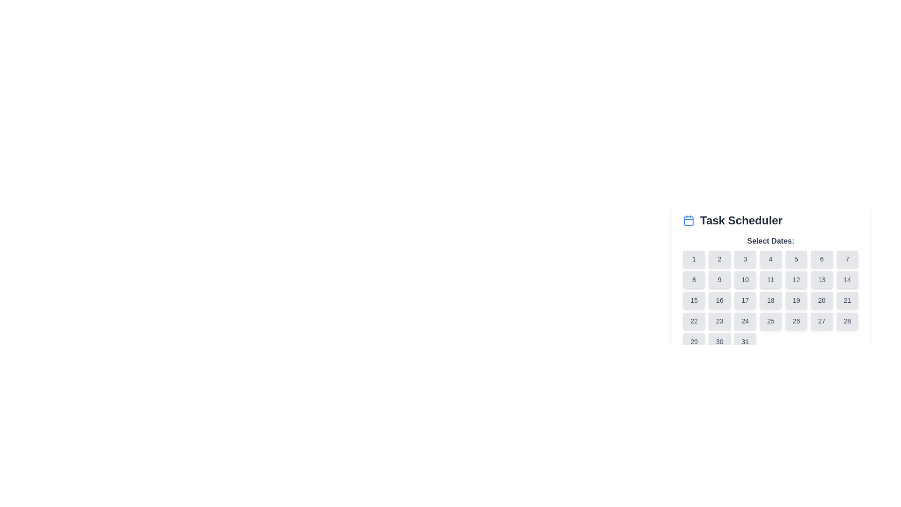 The height and width of the screenshot is (507, 901). I want to click on the Interactive calendar day button labeled '3', so click(745, 259).